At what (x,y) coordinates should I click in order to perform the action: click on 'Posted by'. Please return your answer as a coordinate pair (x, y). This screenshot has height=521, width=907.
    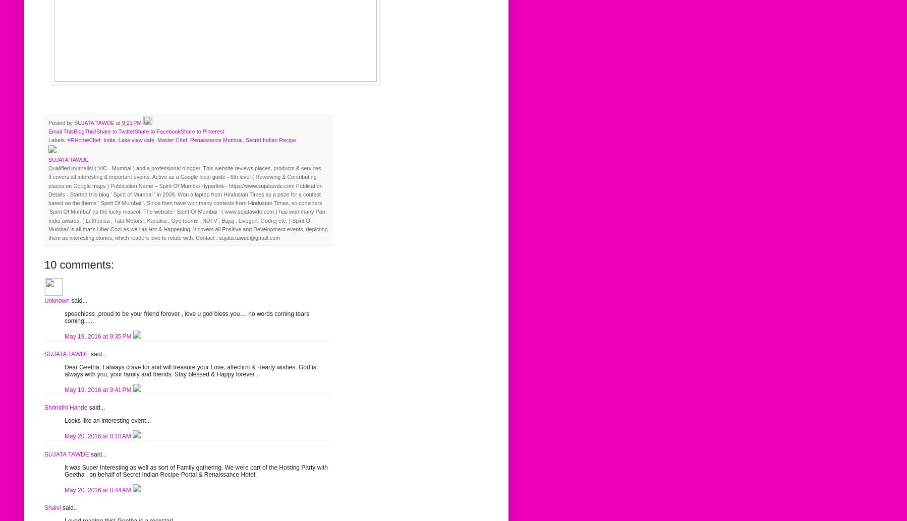
    Looking at the image, I should click on (61, 122).